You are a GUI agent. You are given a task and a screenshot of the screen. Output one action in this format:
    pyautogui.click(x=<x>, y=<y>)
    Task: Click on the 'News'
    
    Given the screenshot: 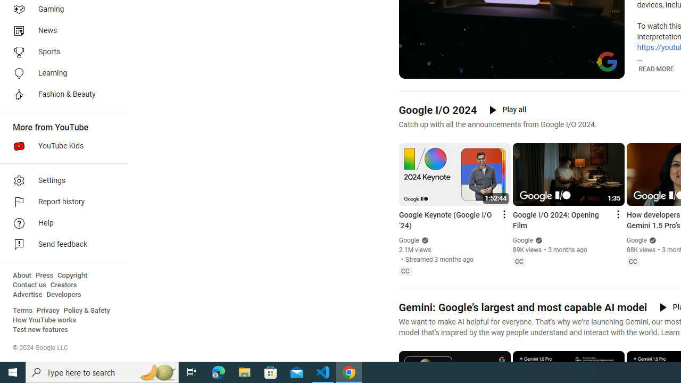 What is the action you would take?
    pyautogui.click(x=60, y=30)
    